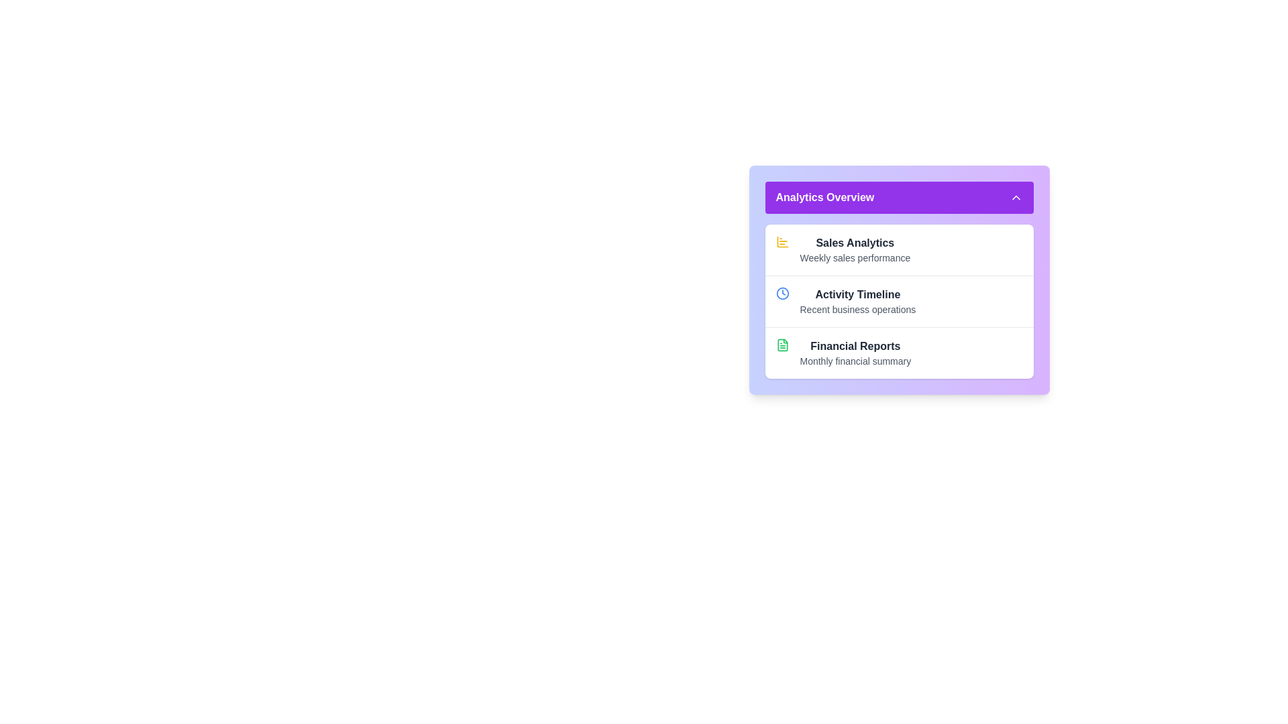 The width and height of the screenshot is (1288, 724). What do you see at coordinates (855, 353) in the screenshot?
I see `the third Text-based List Item in the 'Analytics Overview' card` at bounding box center [855, 353].